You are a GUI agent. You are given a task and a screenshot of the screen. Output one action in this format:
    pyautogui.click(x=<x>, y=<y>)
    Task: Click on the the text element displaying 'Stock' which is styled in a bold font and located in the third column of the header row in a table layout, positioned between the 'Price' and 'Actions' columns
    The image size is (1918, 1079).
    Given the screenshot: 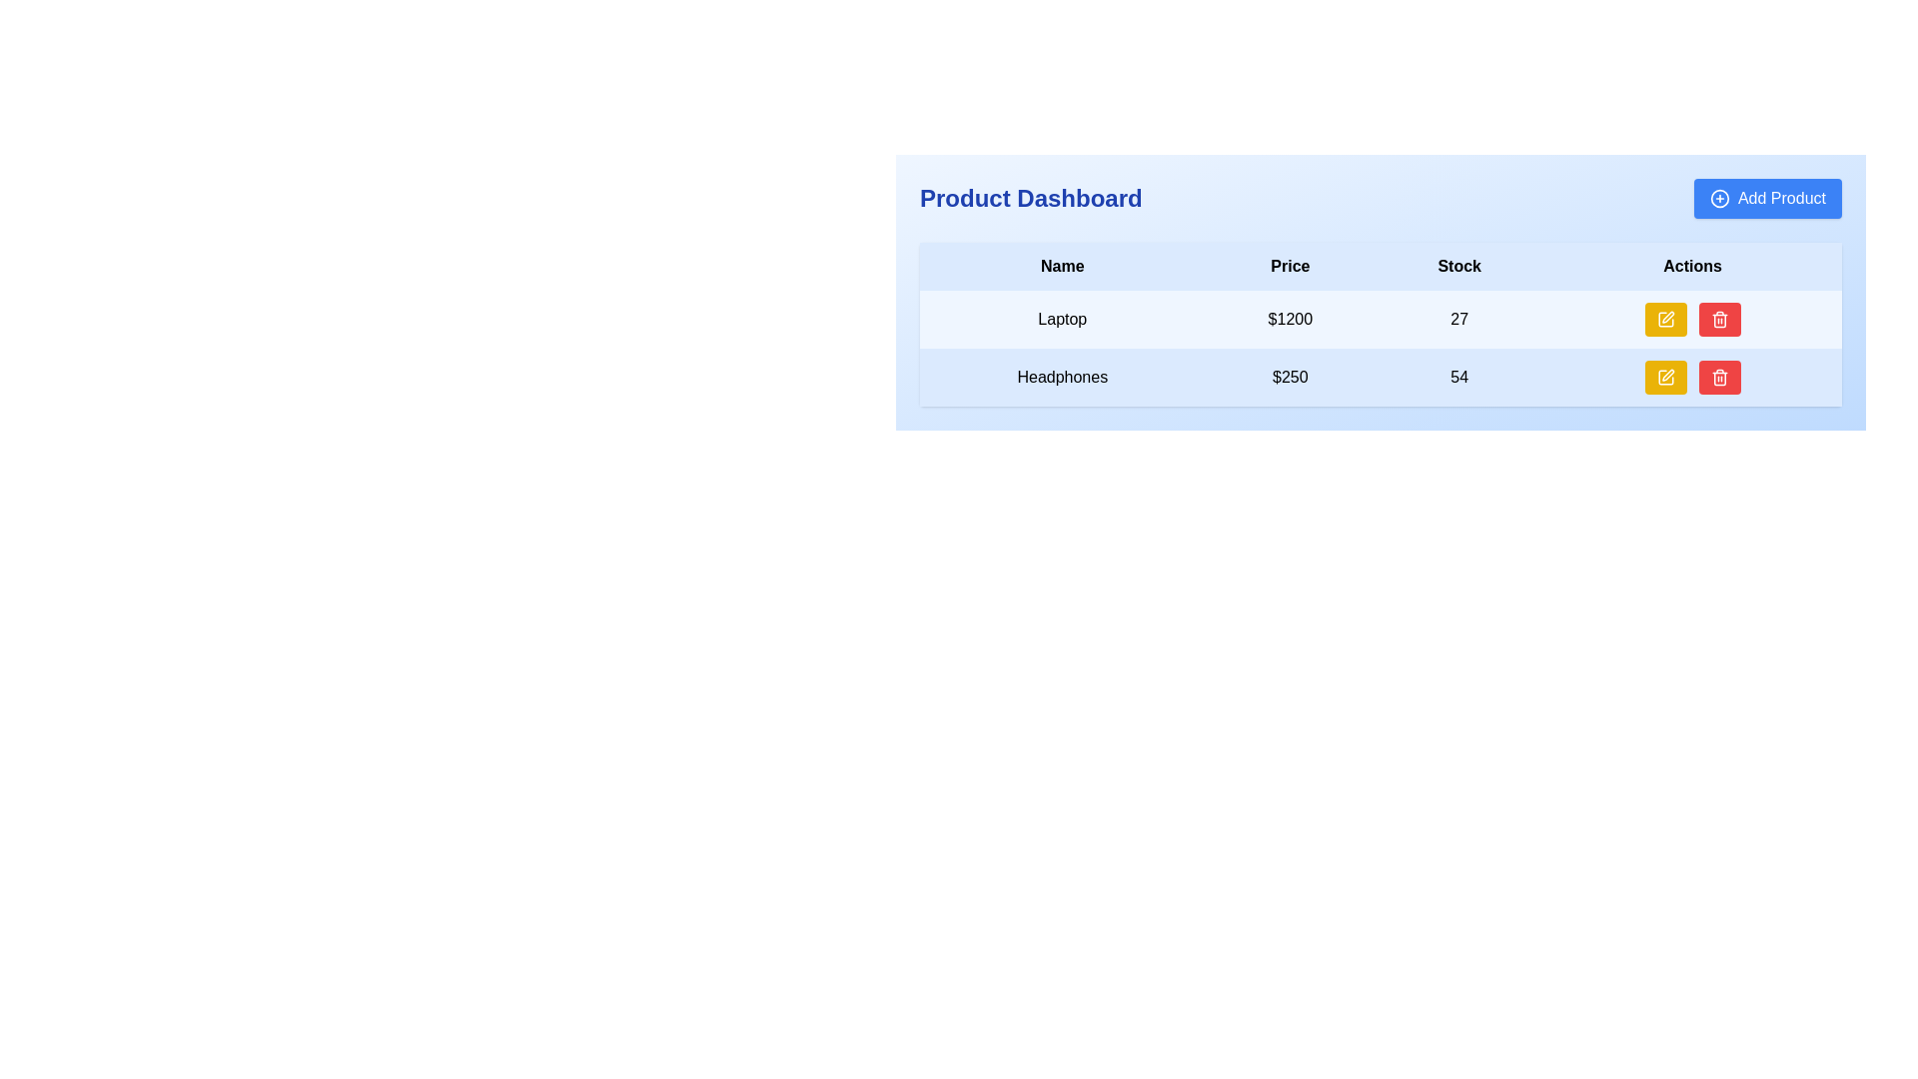 What is the action you would take?
    pyautogui.click(x=1459, y=265)
    